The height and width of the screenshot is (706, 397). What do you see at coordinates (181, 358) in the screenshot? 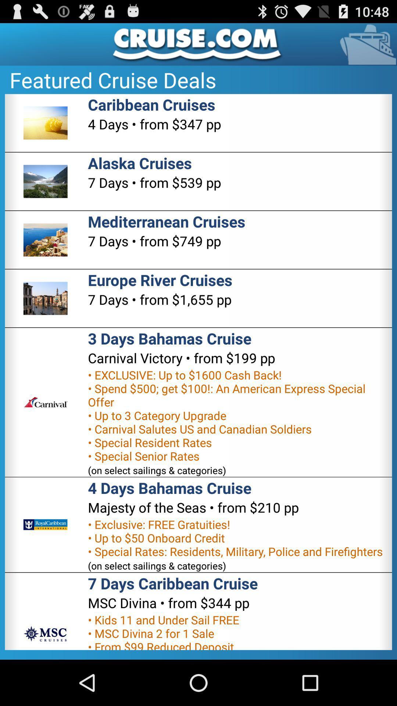
I see `the item above exclusive up to item` at bounding box center [181, 358].